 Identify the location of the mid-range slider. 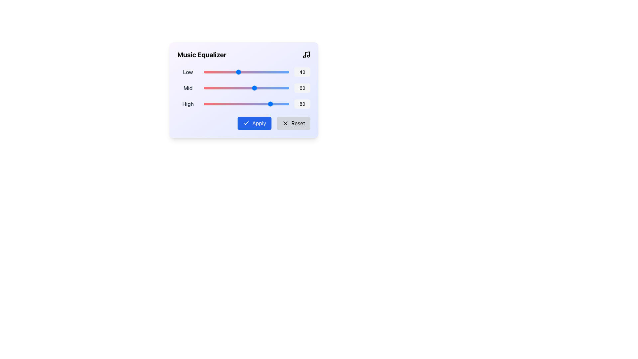
(248, 88).